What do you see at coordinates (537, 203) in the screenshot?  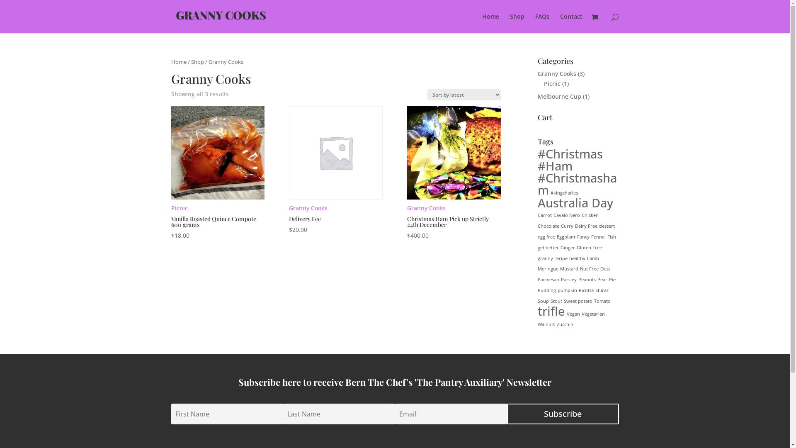 I see `'Australia Day'` at bounding box center [537, 203].